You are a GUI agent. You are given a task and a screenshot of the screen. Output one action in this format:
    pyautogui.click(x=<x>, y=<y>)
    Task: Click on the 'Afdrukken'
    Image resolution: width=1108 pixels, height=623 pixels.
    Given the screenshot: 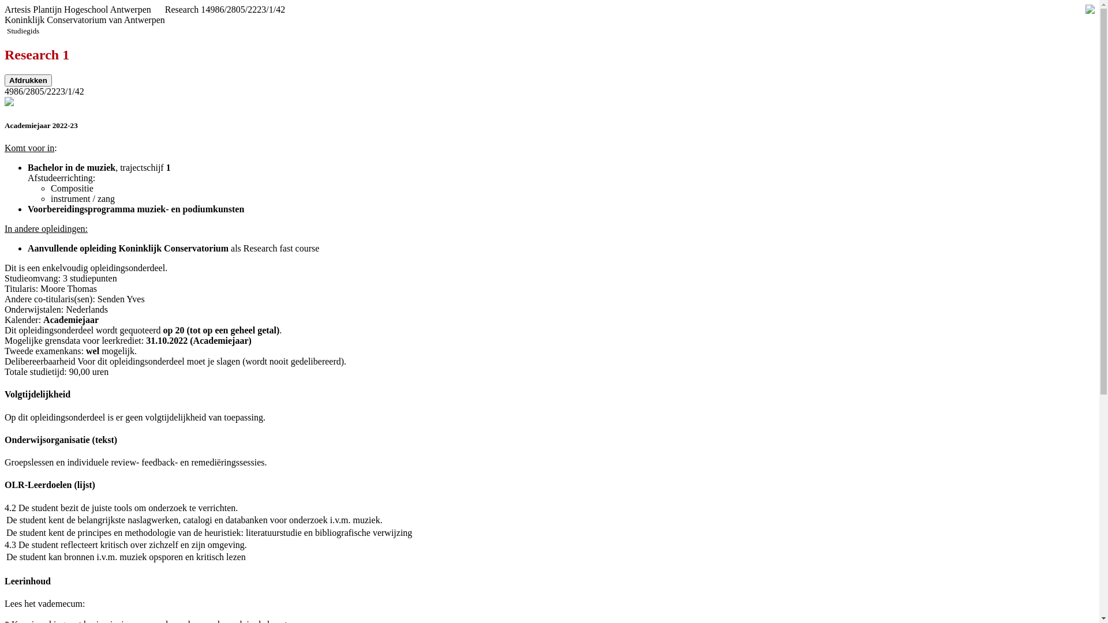 What is the action you would take?
    pyautogui.click(x=28, y=80)
    